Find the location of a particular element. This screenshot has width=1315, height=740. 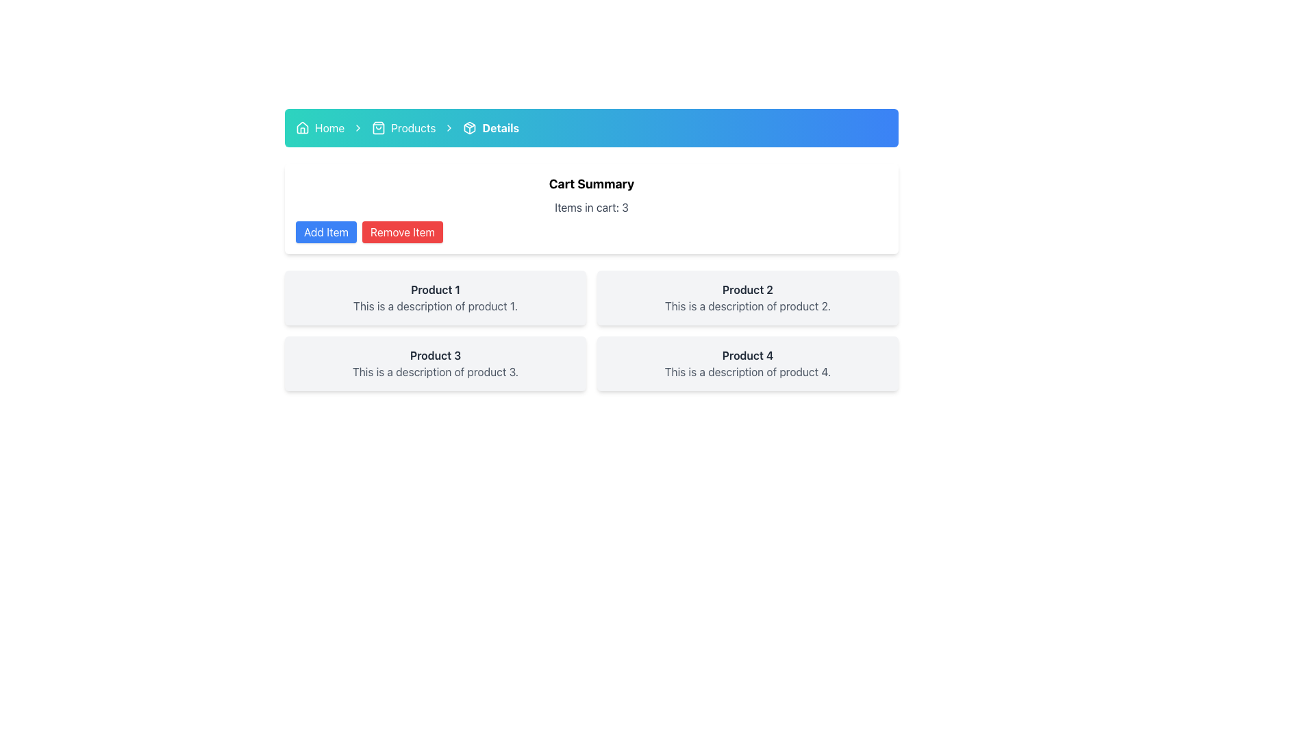

the 'Add Item' button located to the left side of the horizontal arrangement of buttons under the 'Cart Summary' section is located at coordinates (325, 232).